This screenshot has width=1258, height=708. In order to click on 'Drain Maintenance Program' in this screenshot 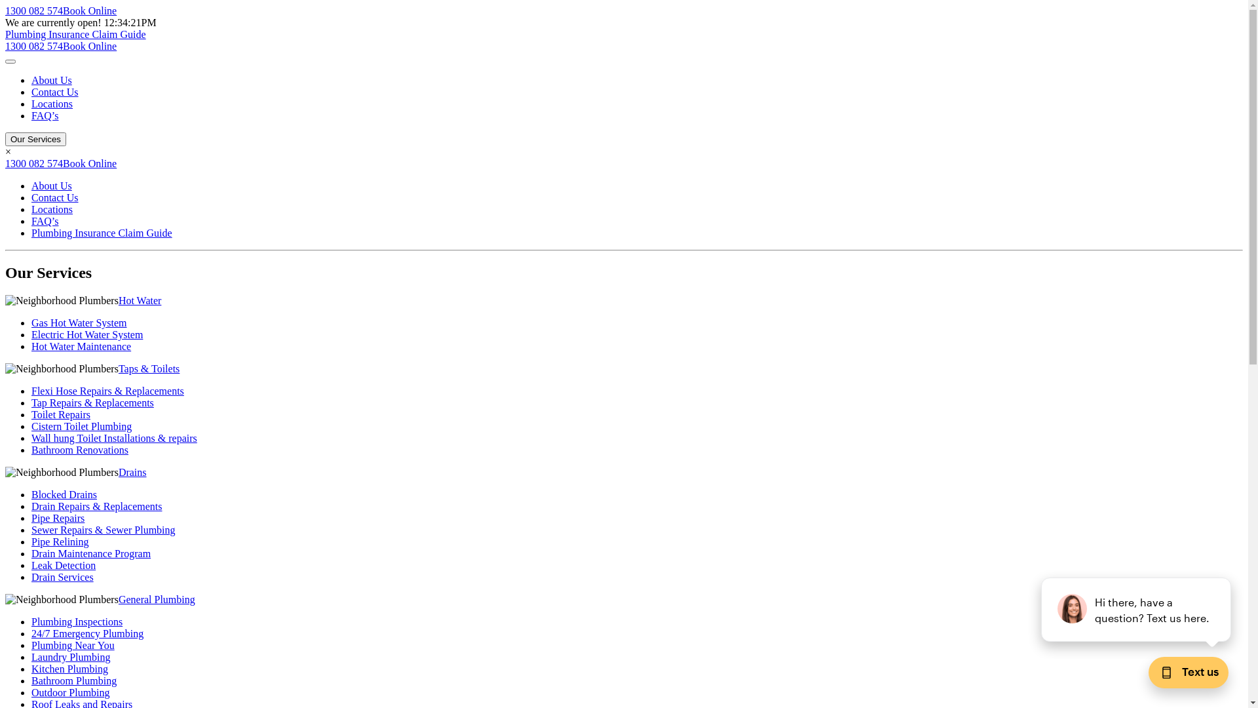, I will do `click(31, 553)`.